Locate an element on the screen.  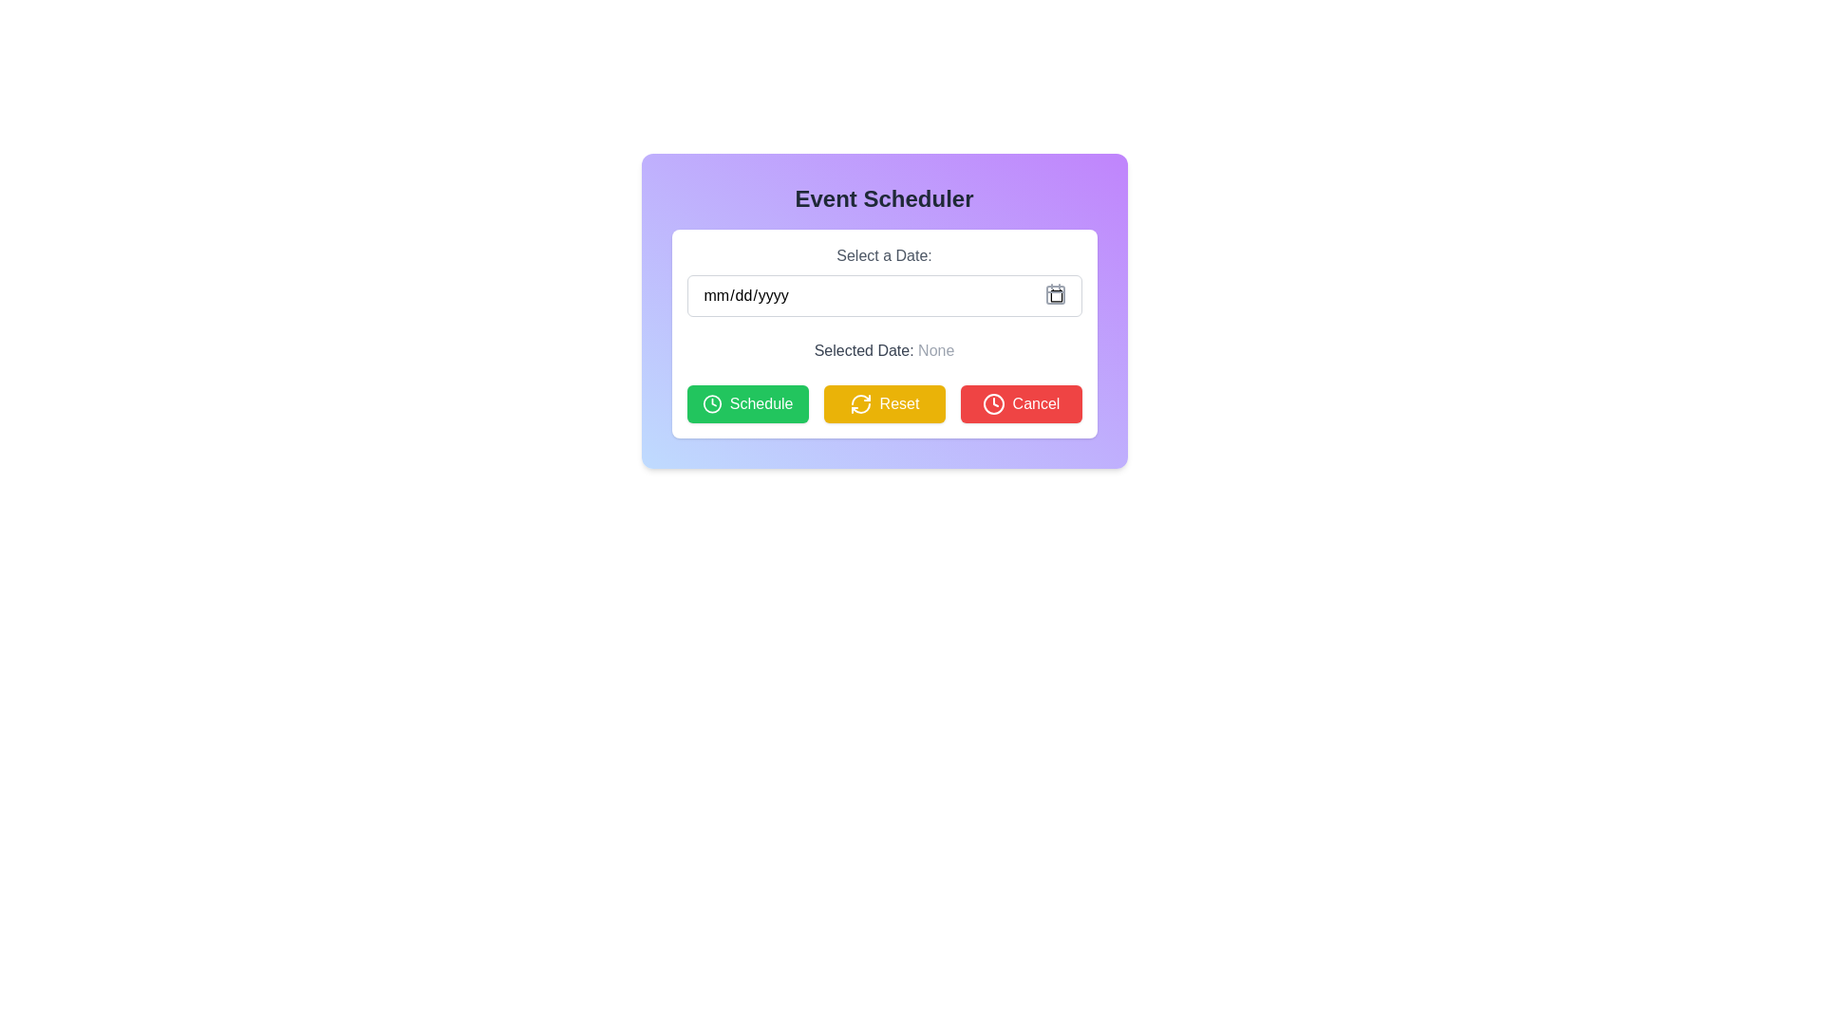
the 'Reset' button with a yellow background and white text, located in the 'Event Scheduler' card is located at coordinates (883, 402).